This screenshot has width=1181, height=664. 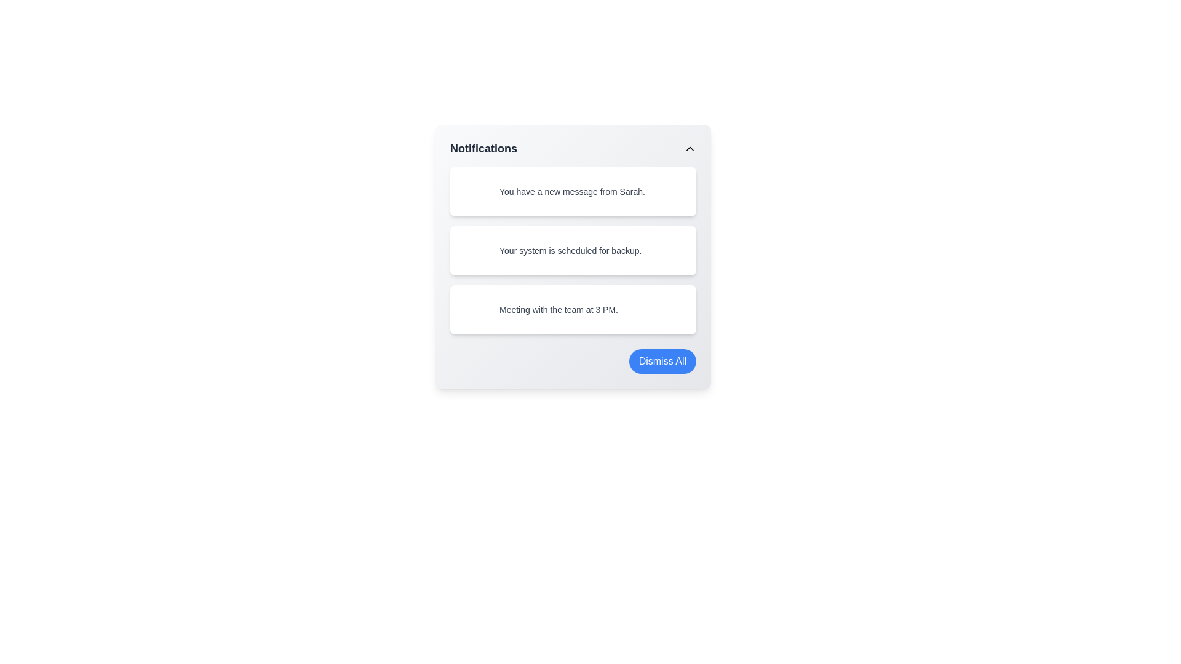 What do you see at coordinates (572, 309) in the screenshot?
I see `the third notification card in the notification panel that informs about an upcoming team meeting scheduled at 3 PM` at bounding box center [572, 309].